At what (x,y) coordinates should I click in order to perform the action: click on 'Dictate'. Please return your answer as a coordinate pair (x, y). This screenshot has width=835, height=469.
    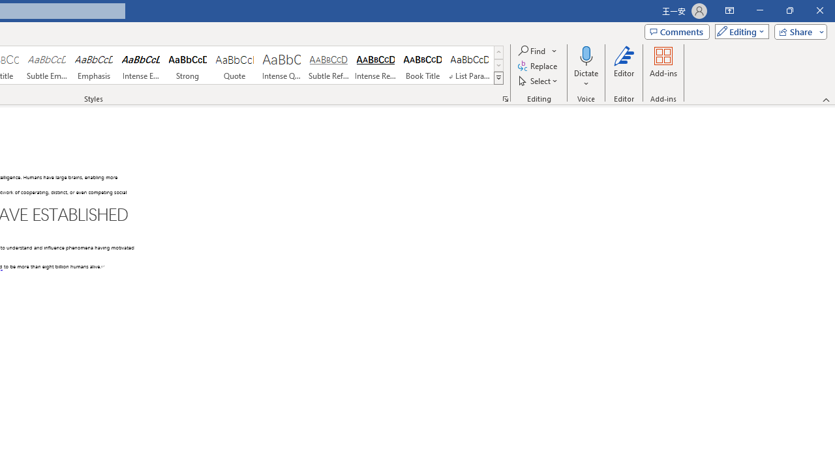
    Looking at the image, I should click on (586, 67).